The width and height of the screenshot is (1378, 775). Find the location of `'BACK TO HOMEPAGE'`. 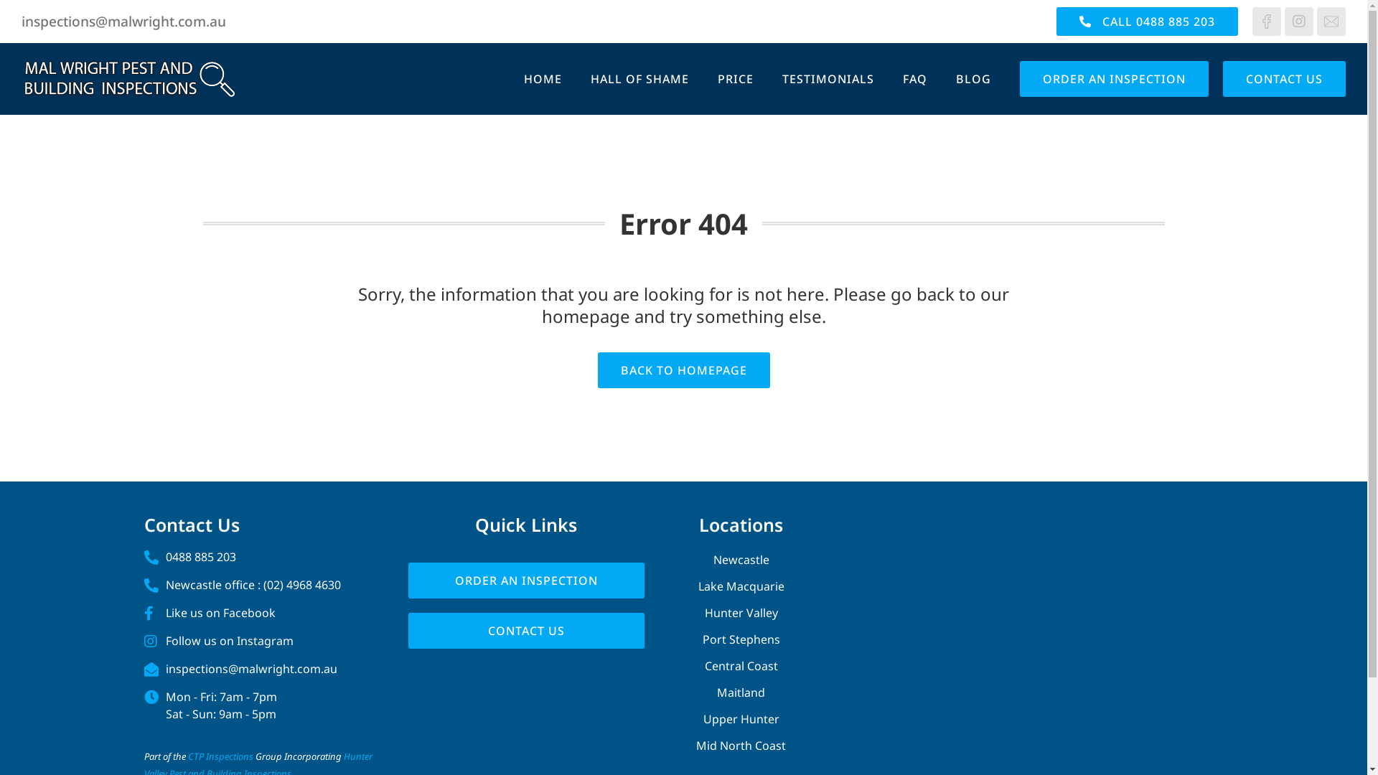

'BACK TO HOMEPAGE' is located at coordinates (682, 370).